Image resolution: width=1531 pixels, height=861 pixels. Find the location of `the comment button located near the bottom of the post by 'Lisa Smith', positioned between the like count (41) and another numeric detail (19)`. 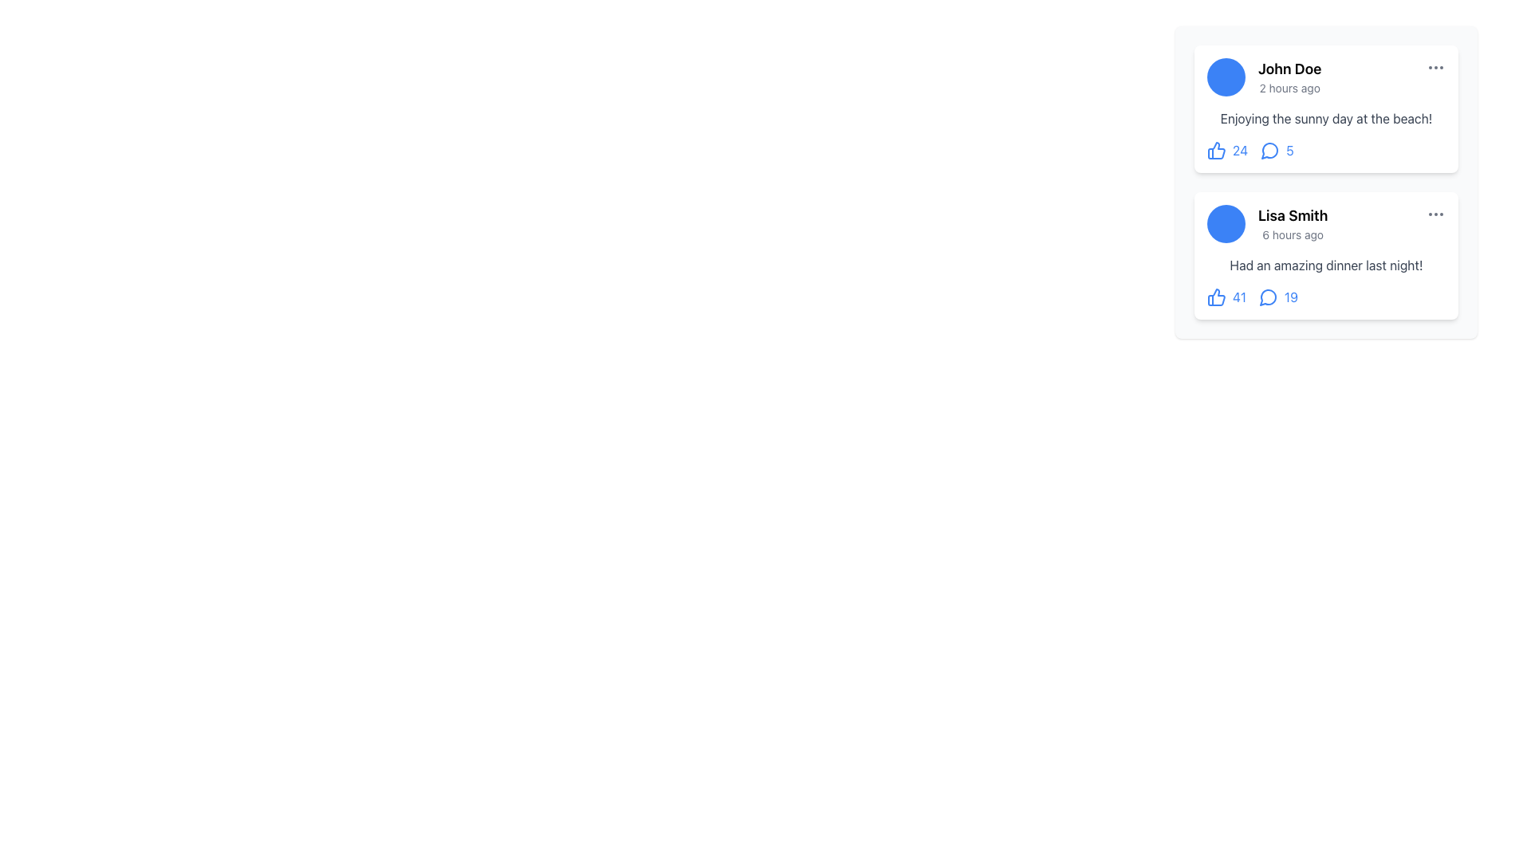

the comment button located near the bottom of the post by 'Lisa Smith', positioned between the like count (41) and another numeric detail (19) is located at coordinates (1266, 297).